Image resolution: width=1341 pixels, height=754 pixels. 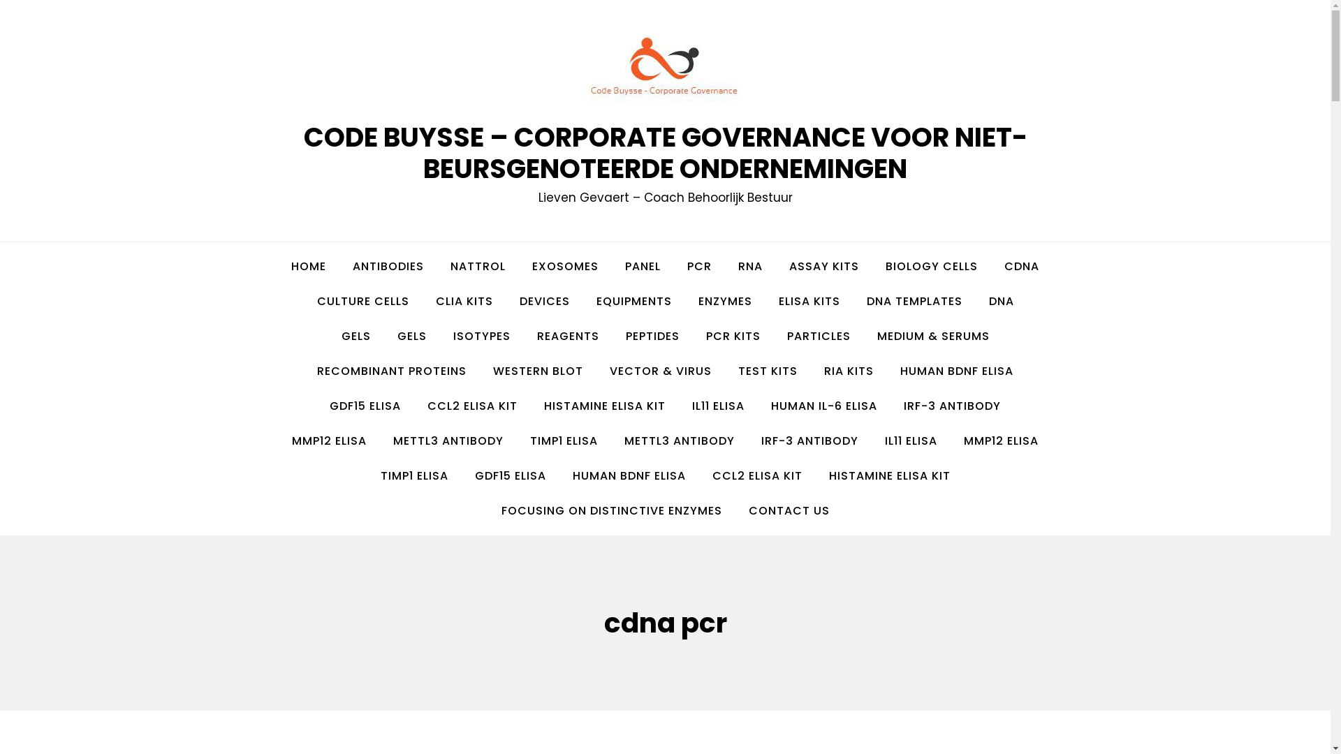 I want to click on 'EXOSOMES', so click(x=565, y=266).